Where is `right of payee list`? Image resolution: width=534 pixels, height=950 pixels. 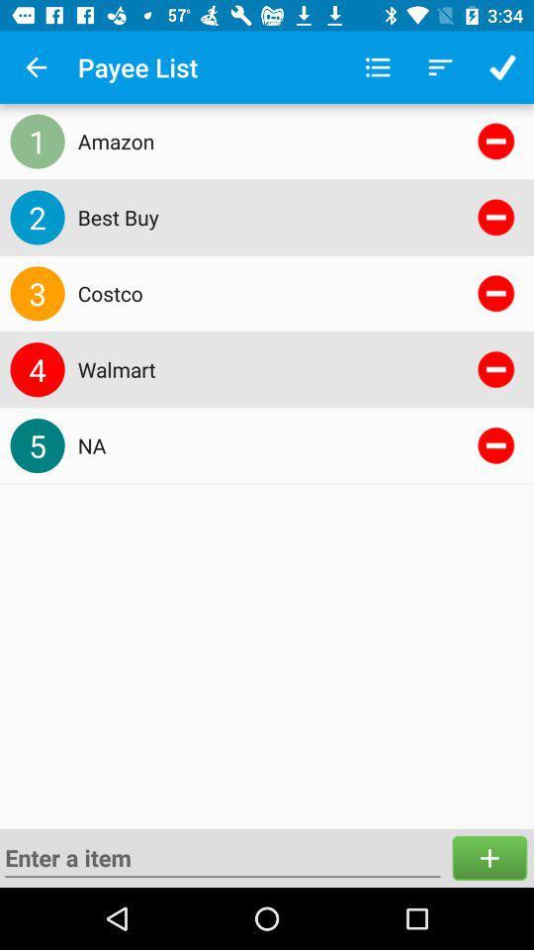 right of payee list is located at coordinates (378, 67).